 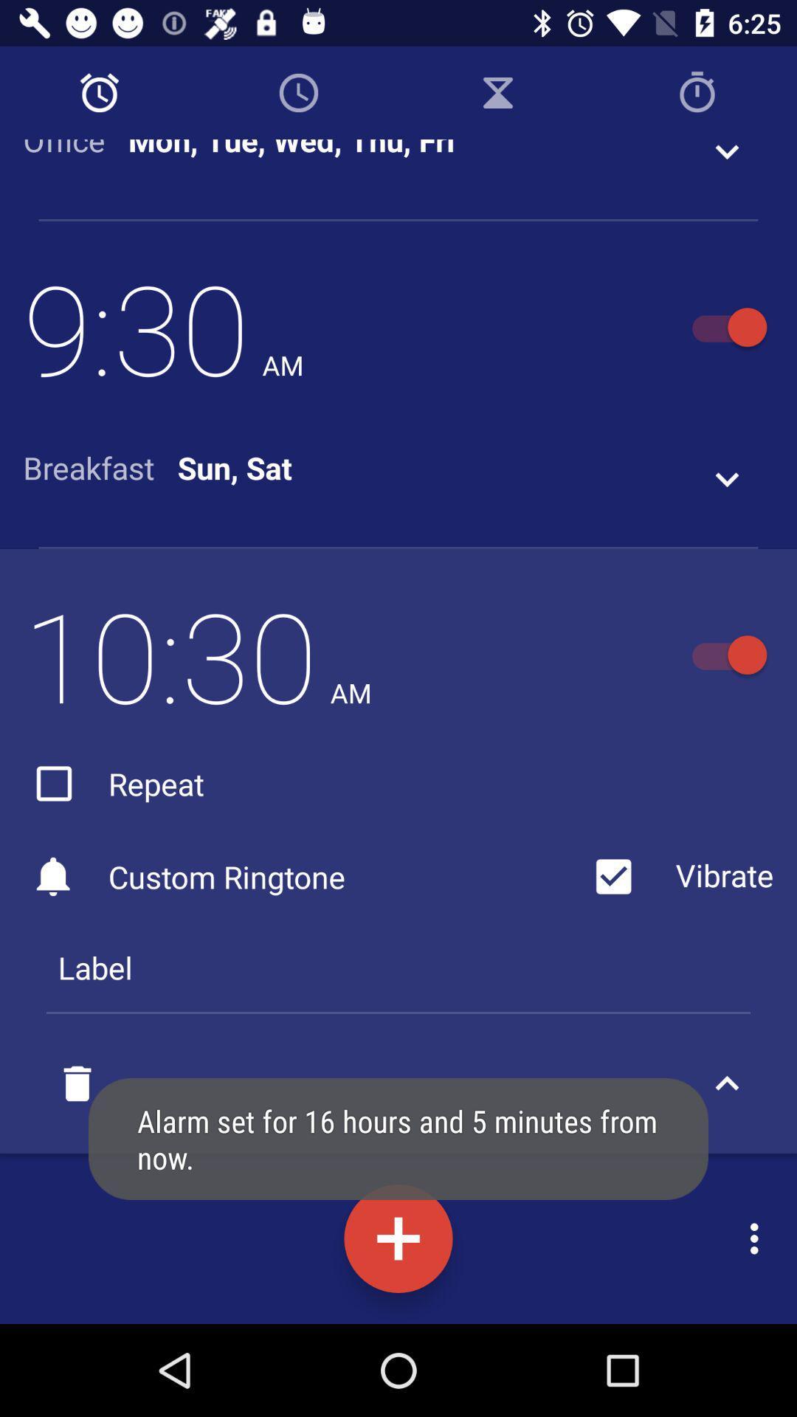 I want to click on item below the repeat, so click(x=302, y=877).